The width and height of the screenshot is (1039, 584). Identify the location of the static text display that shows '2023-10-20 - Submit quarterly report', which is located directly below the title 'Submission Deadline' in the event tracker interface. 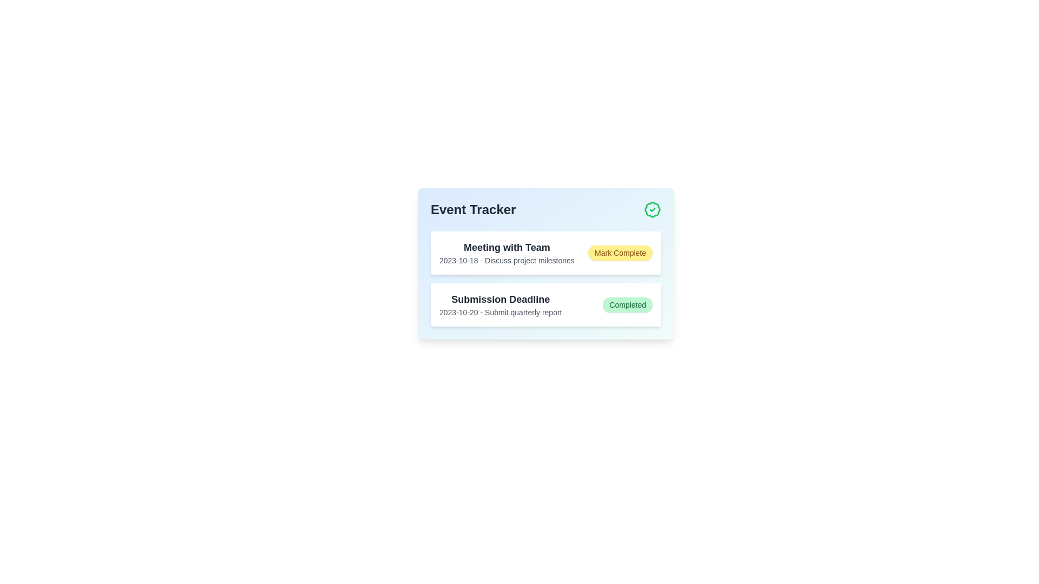
(500, 313).